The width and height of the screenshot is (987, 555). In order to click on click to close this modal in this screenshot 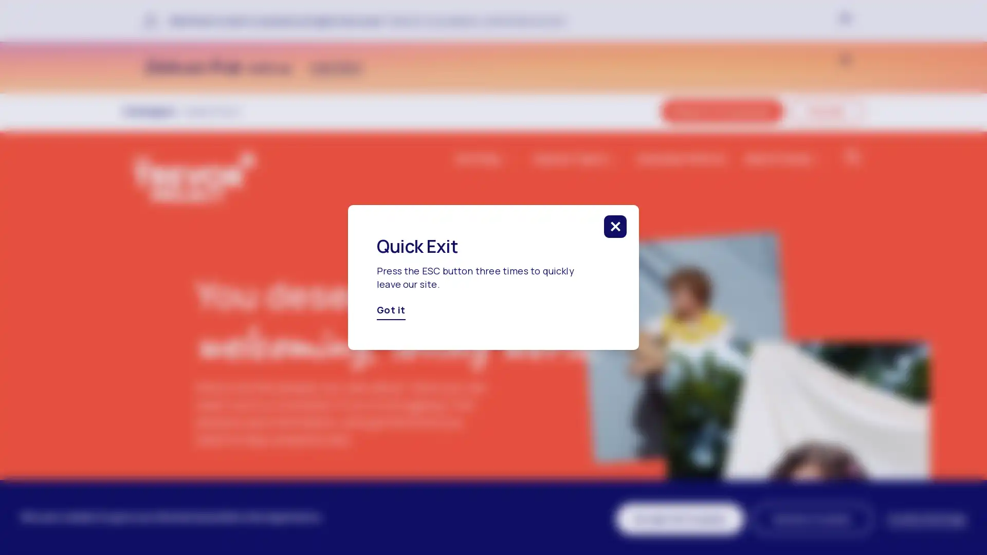, I will do `click(615, 226)`.